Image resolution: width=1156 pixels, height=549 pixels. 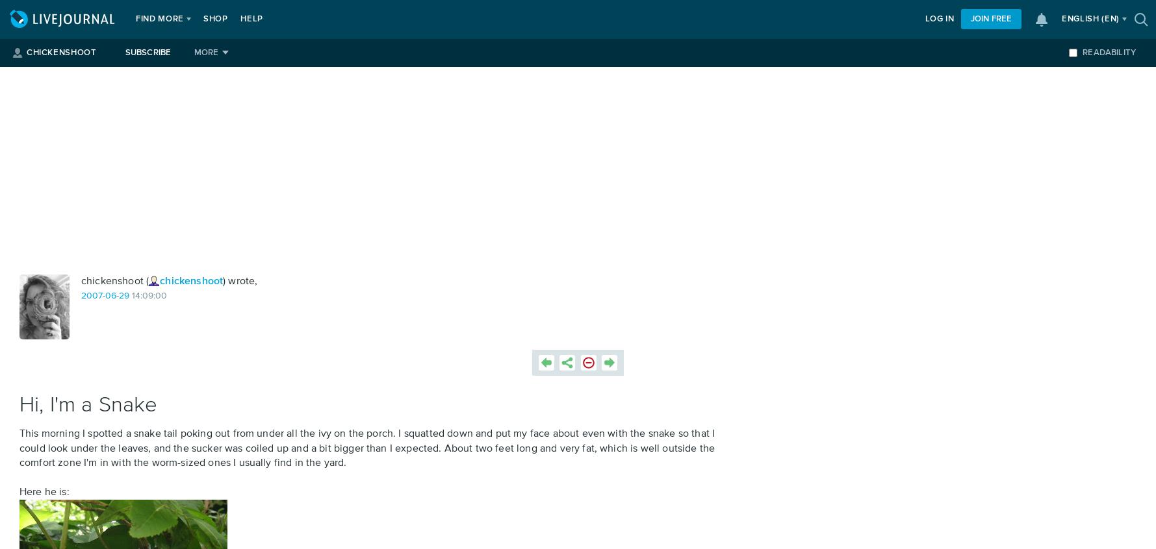 What do you see at coordinates (92, 295) in the screenshot?
I see `'2007'` at bounding box center [92, 295].